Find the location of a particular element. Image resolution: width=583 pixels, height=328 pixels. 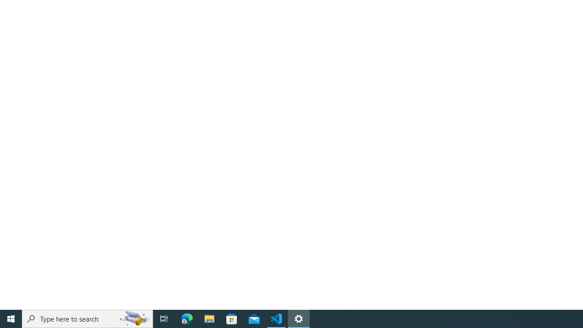

'Microsoft Edge' is located at coordinates (187, 318).